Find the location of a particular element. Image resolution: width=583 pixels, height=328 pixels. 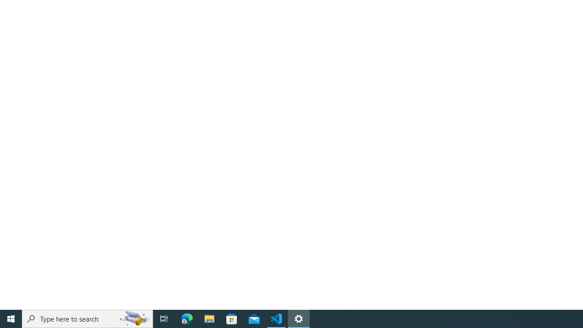

'Microsoft Edge' is located at coordinates (187, 318).